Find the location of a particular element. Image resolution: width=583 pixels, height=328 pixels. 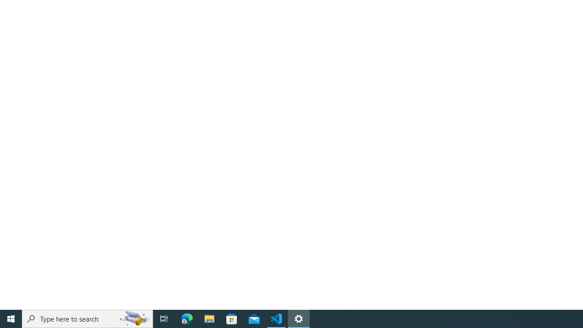

'Microsoft Edge' is located at coordinates (187, 318).